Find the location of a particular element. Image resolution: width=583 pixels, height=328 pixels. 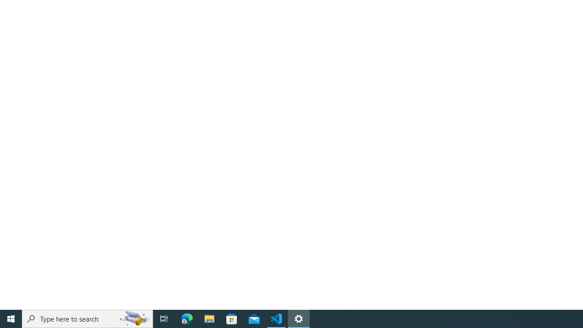

'Microsoft Edge' is located at coordinates (187, 318).